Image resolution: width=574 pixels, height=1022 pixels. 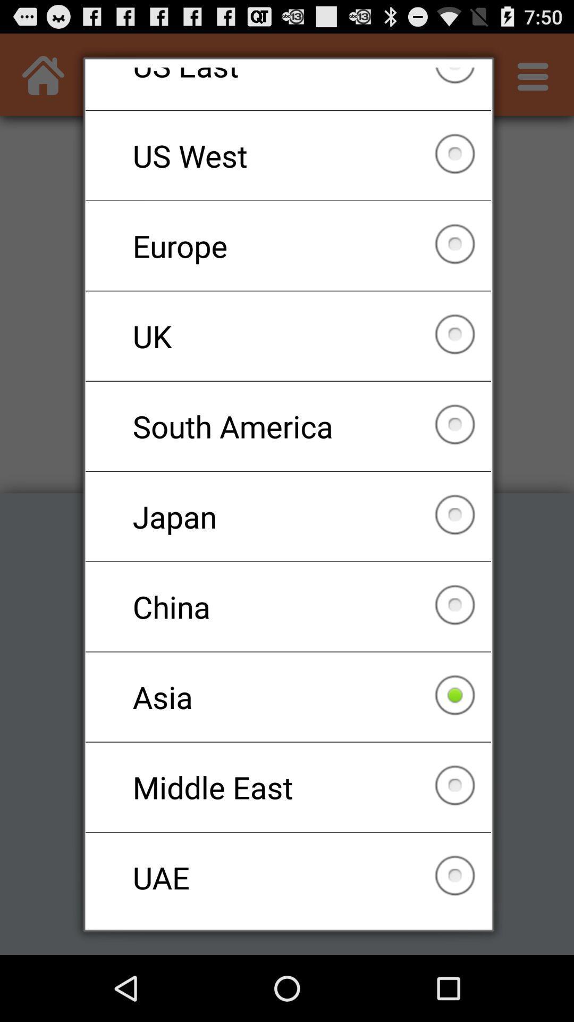 I want to click on the     china item, so click(x=288, y=607).